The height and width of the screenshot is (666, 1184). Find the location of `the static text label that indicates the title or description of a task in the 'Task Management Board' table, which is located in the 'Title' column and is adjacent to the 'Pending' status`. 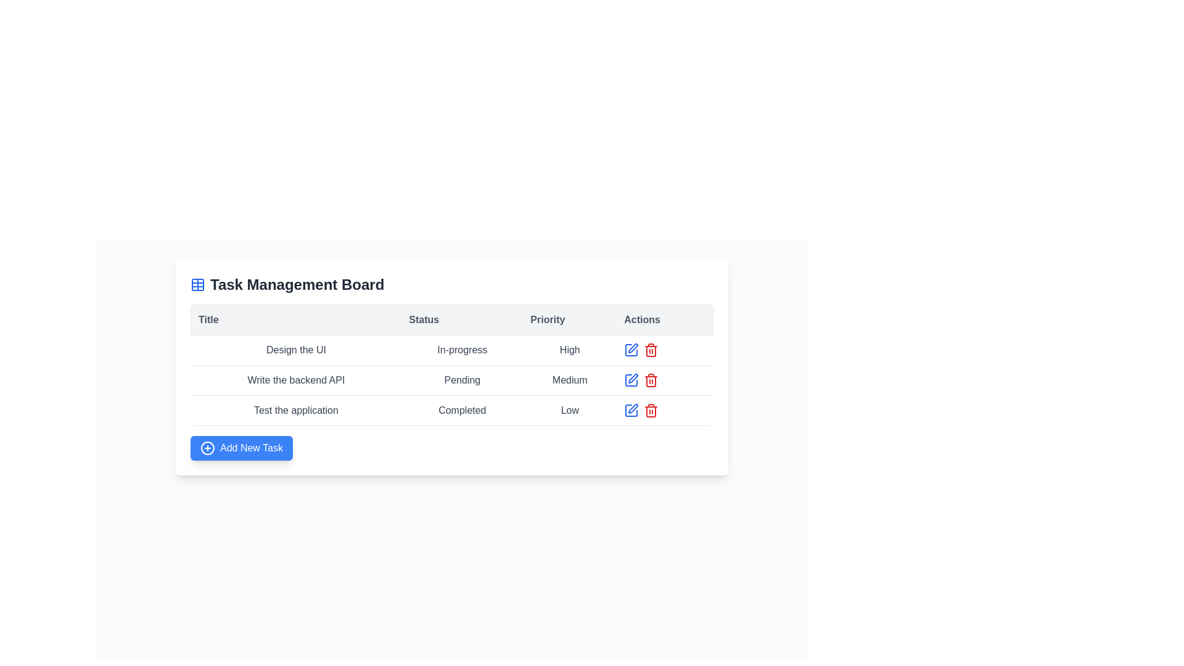

the static text label that indicates the title or description of a task in the 'Task Management Board' table, which is located in the 'Title' column and is adjacent to the 'Pending' status is located at coordinates (296, 380).